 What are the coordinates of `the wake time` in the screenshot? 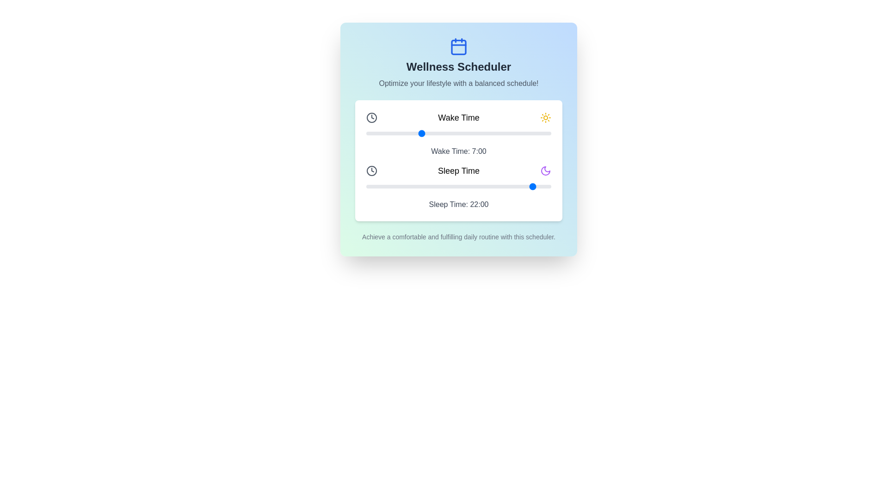 It's located at (504, 134).